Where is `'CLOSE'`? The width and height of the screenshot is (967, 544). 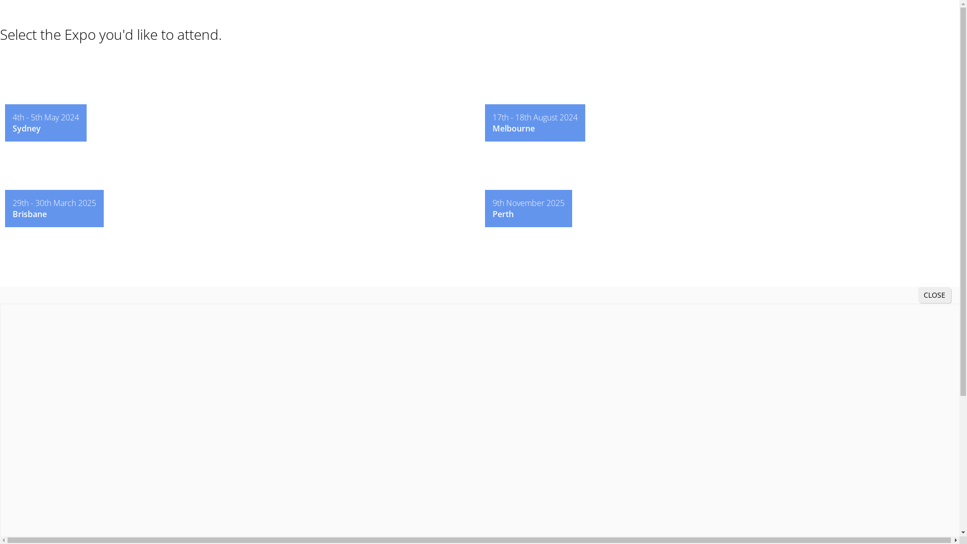 'CLOSE' is located at coordinates (934, 295).